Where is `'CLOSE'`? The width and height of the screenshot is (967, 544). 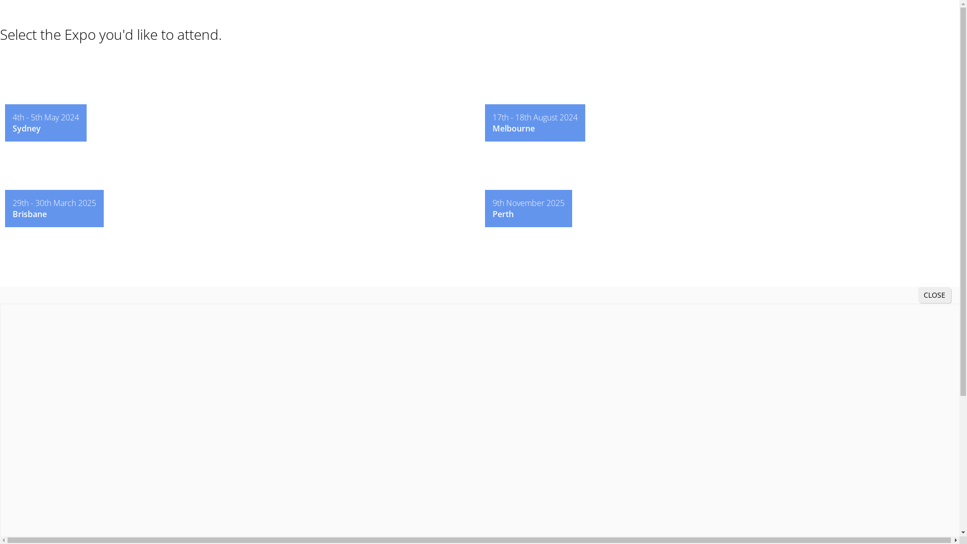 'CLOSE' is located at coordinates (934, 295).